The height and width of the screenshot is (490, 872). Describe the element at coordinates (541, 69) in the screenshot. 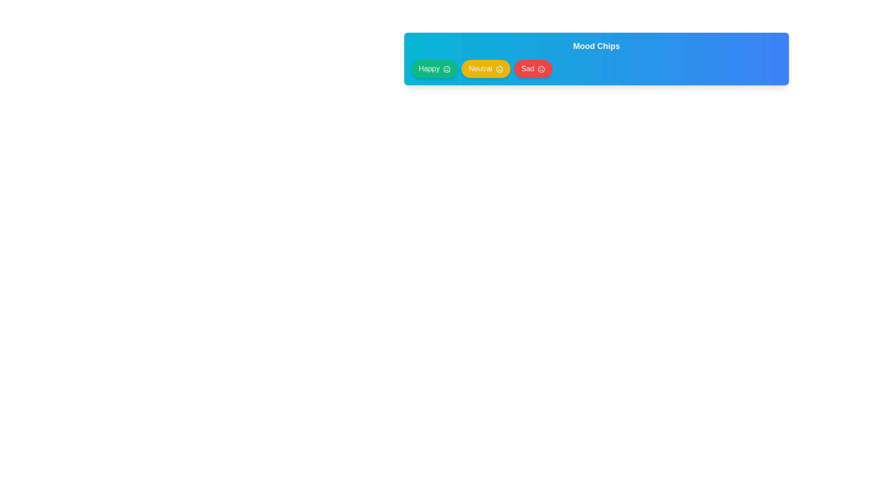

I see `the 'sad' mood icon located within the 'Sad' mood chip in the mood selection component of the user interface` at that location.